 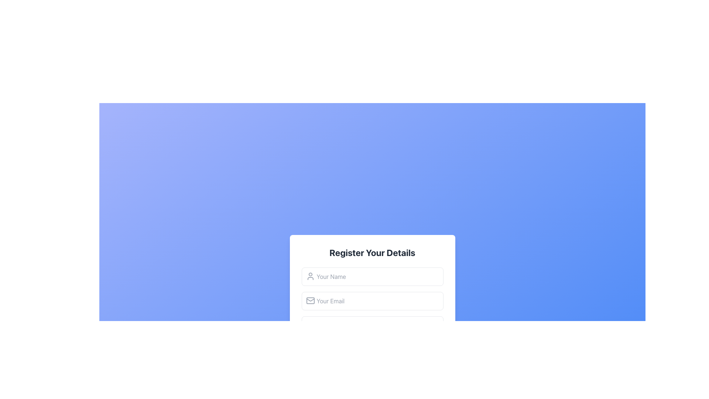 I want to click on the email input field located within the white card below the title 'Register Your Details' to focus on it, so click(x=372, y=302).